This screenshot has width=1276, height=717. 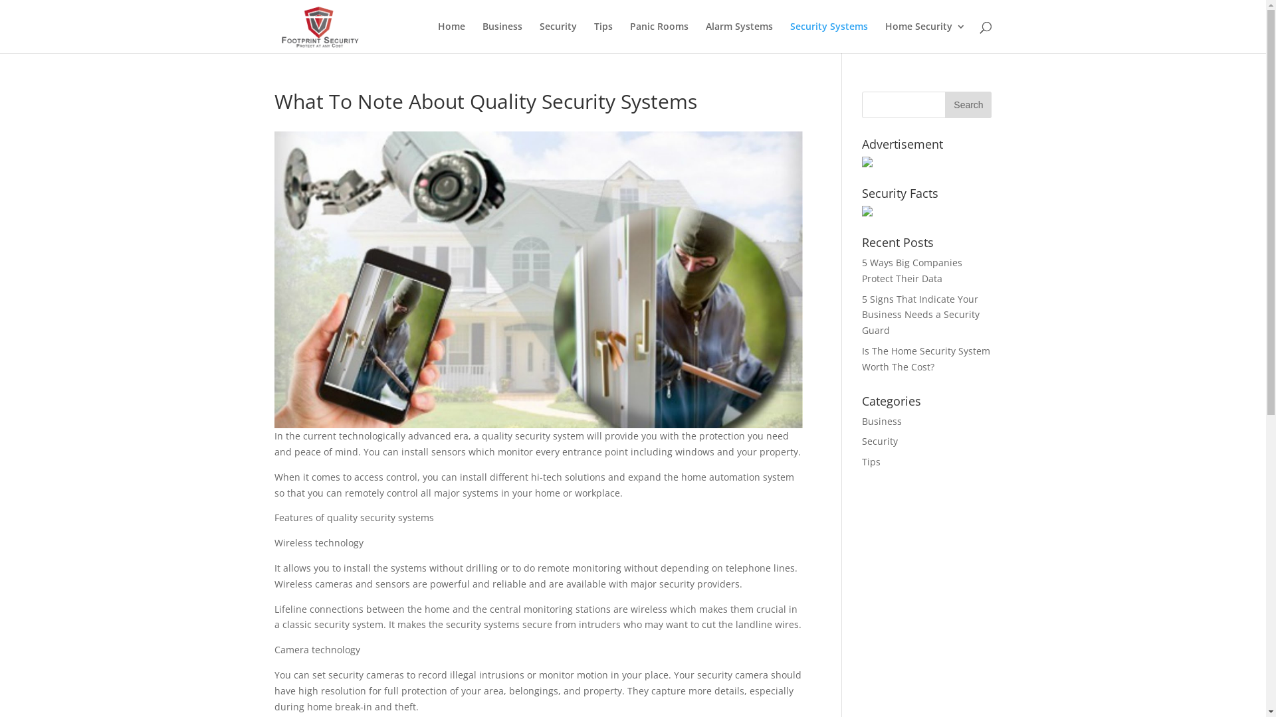 What do you see at coordinates (738, 37) in the screenshot?
I see `'Alarm Systems'` at bounding box center [738, 37].